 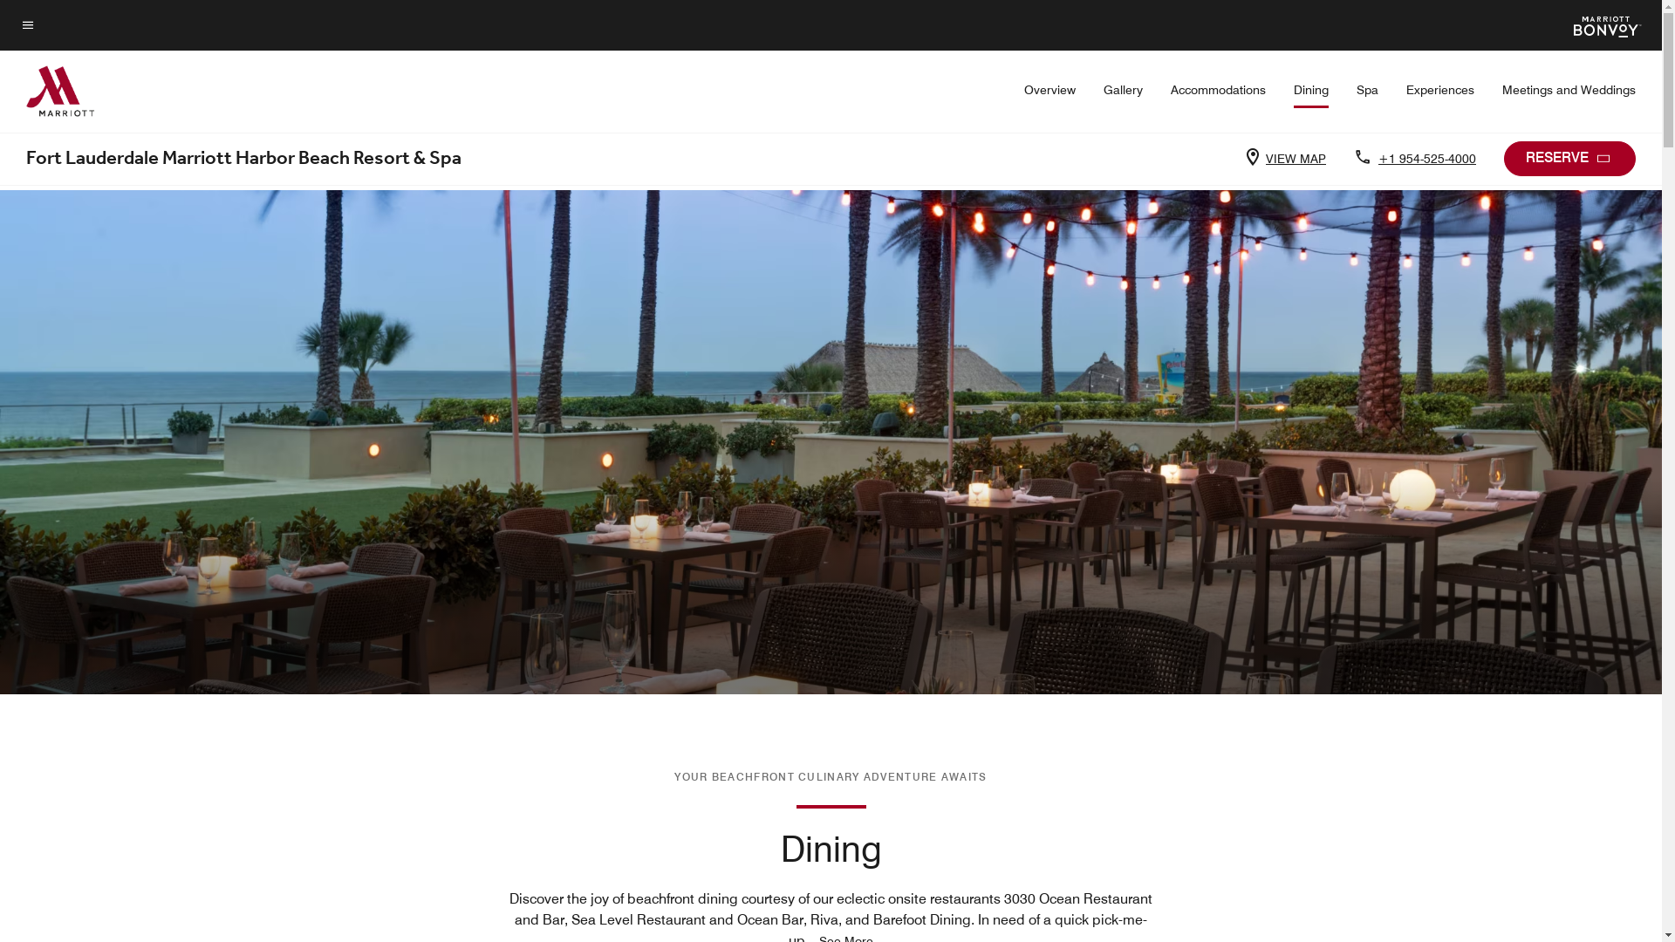 I want to click on 'Meetings and Weddings', so click(x=1569, y=90).